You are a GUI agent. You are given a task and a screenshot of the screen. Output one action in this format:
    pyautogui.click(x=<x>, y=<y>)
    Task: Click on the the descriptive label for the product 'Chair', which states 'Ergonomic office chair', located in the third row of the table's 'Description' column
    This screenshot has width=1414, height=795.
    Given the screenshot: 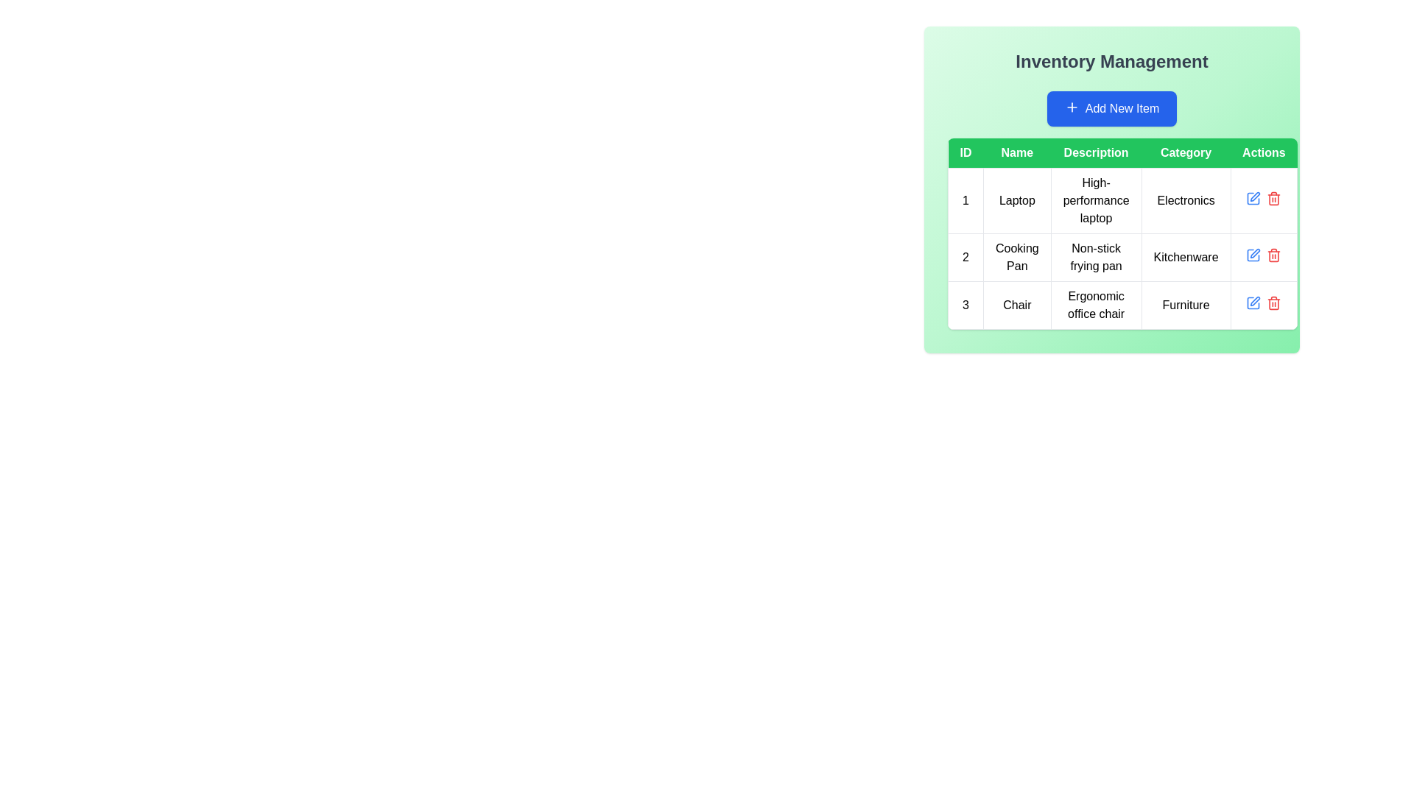 What is the action you would take?
    pyautogui.click(x=1096, y=305)
    